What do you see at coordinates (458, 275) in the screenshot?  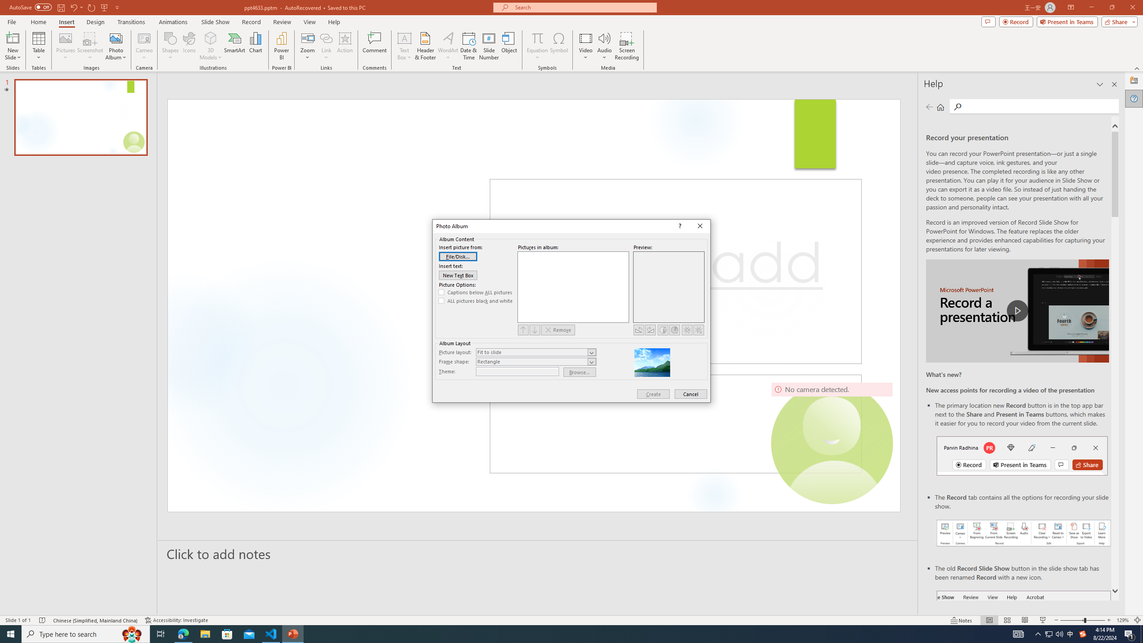 I see `'New Text Box'` at bounding box center [458, 275].